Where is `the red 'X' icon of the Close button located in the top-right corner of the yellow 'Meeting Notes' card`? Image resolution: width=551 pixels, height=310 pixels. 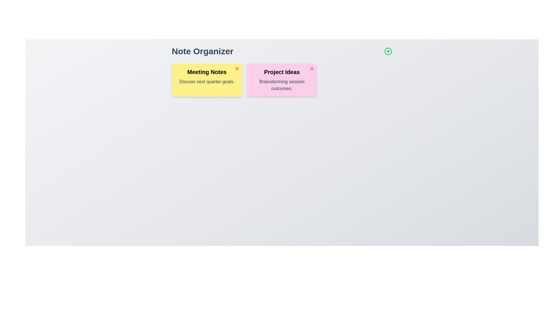
the red 'X' icon of the Close button located in the top-right corner of the yellow 'Meeting Notes' card is located at coordinates (237, 68).